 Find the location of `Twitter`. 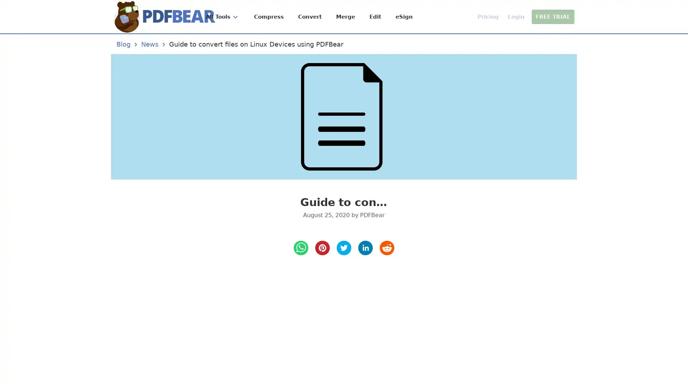

Twitter is located at coordinates (344, 247).